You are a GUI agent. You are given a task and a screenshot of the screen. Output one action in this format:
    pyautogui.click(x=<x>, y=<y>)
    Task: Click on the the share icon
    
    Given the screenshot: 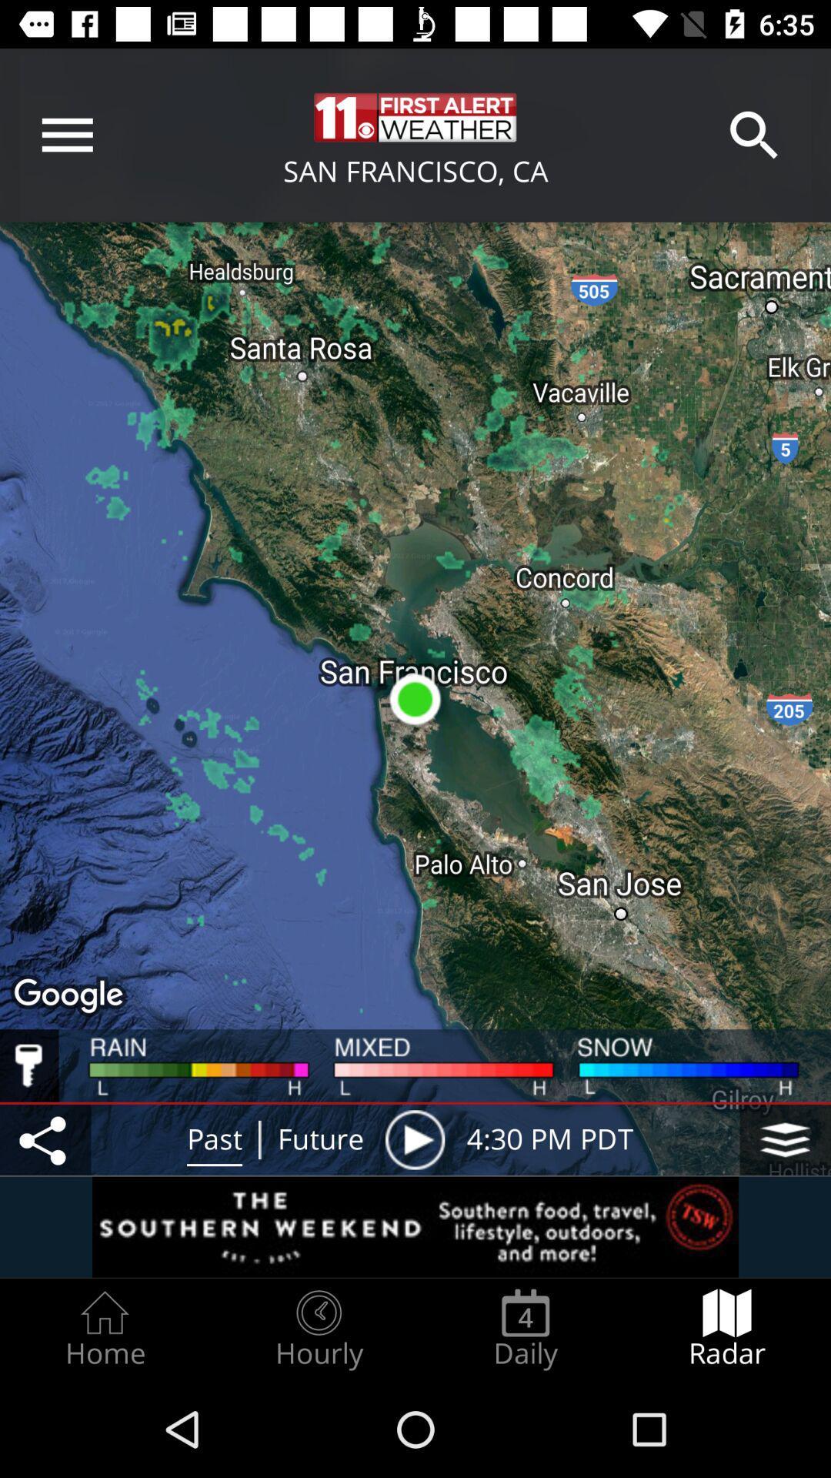 What is the action you would take?
    pyautogui.click(x=45, y=1139)
    